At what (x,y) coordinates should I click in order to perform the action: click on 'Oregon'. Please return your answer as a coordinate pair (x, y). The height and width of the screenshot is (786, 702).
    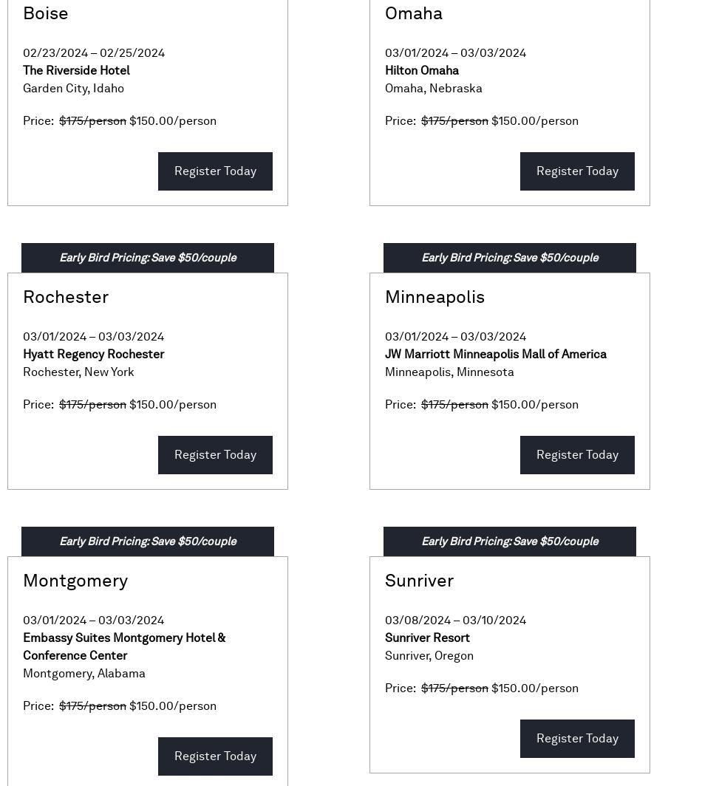
    Looking at the image, I should click on (454, 655).